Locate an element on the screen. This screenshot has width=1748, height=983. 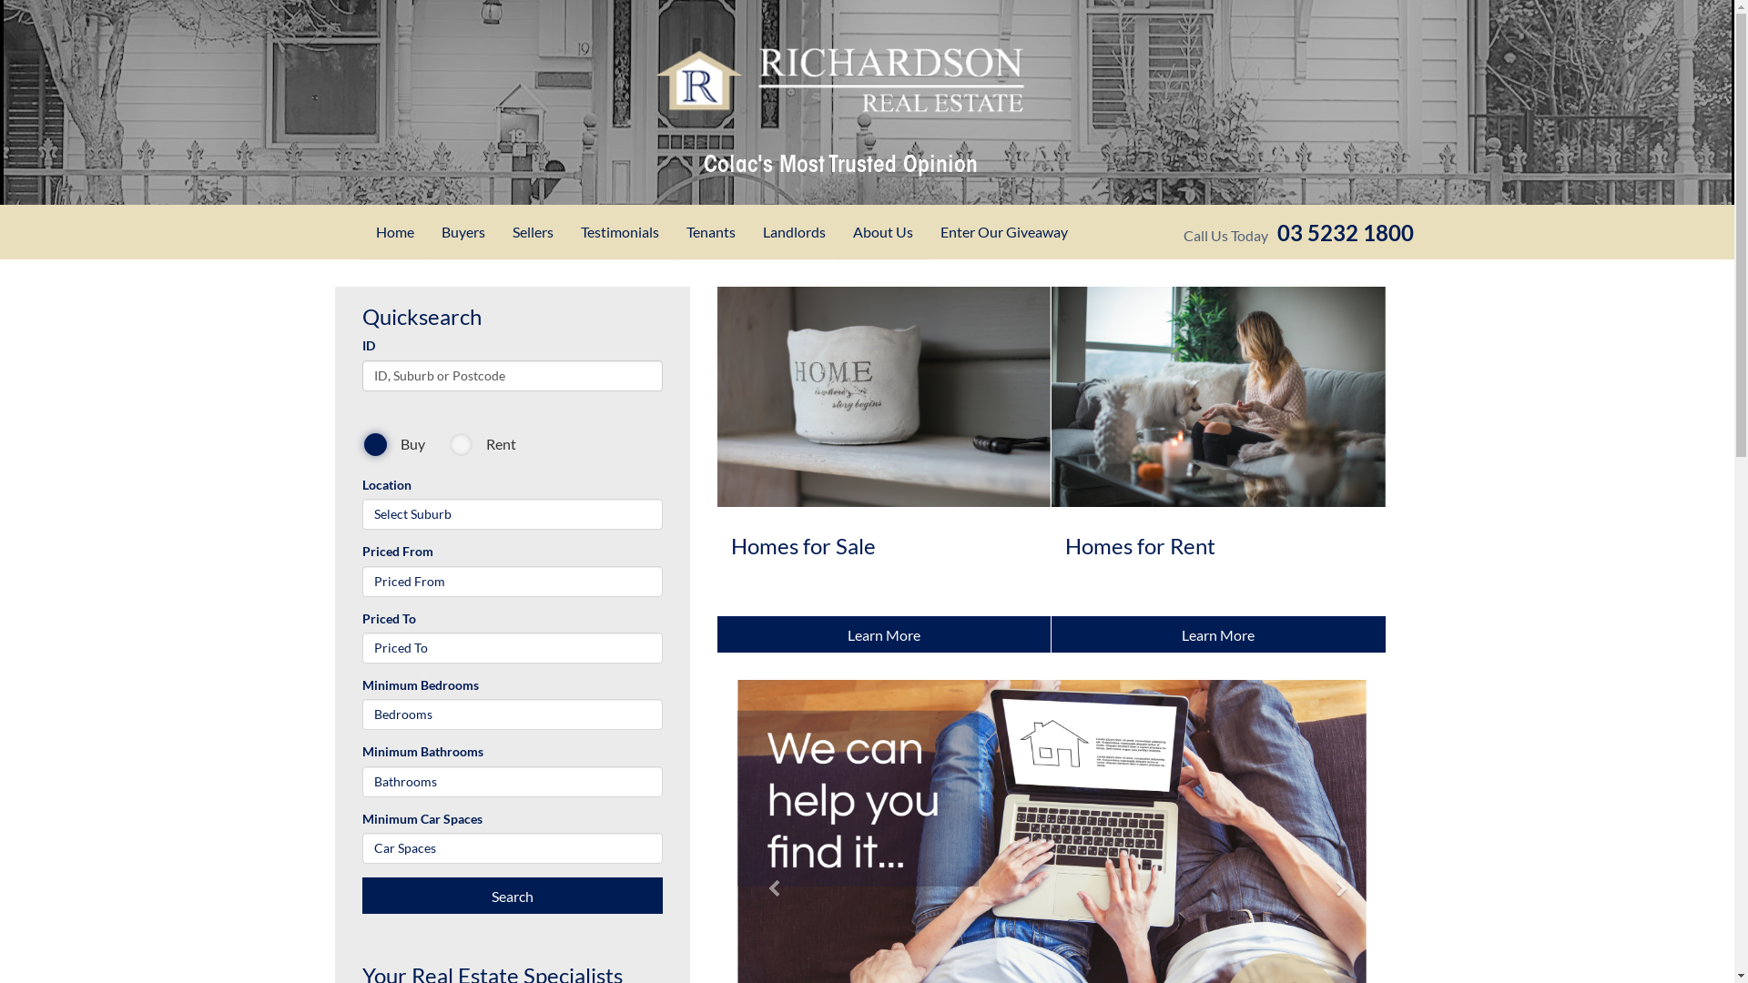
'Landlords' is located at coordinates (793, 230).